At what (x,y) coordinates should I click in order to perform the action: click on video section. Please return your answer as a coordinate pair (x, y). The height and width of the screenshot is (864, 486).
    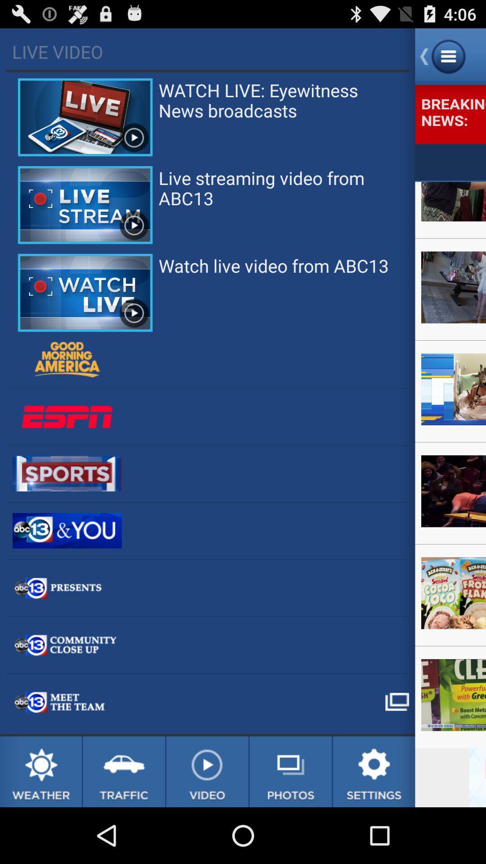
    Looking at the image, I should click on (207, 771).